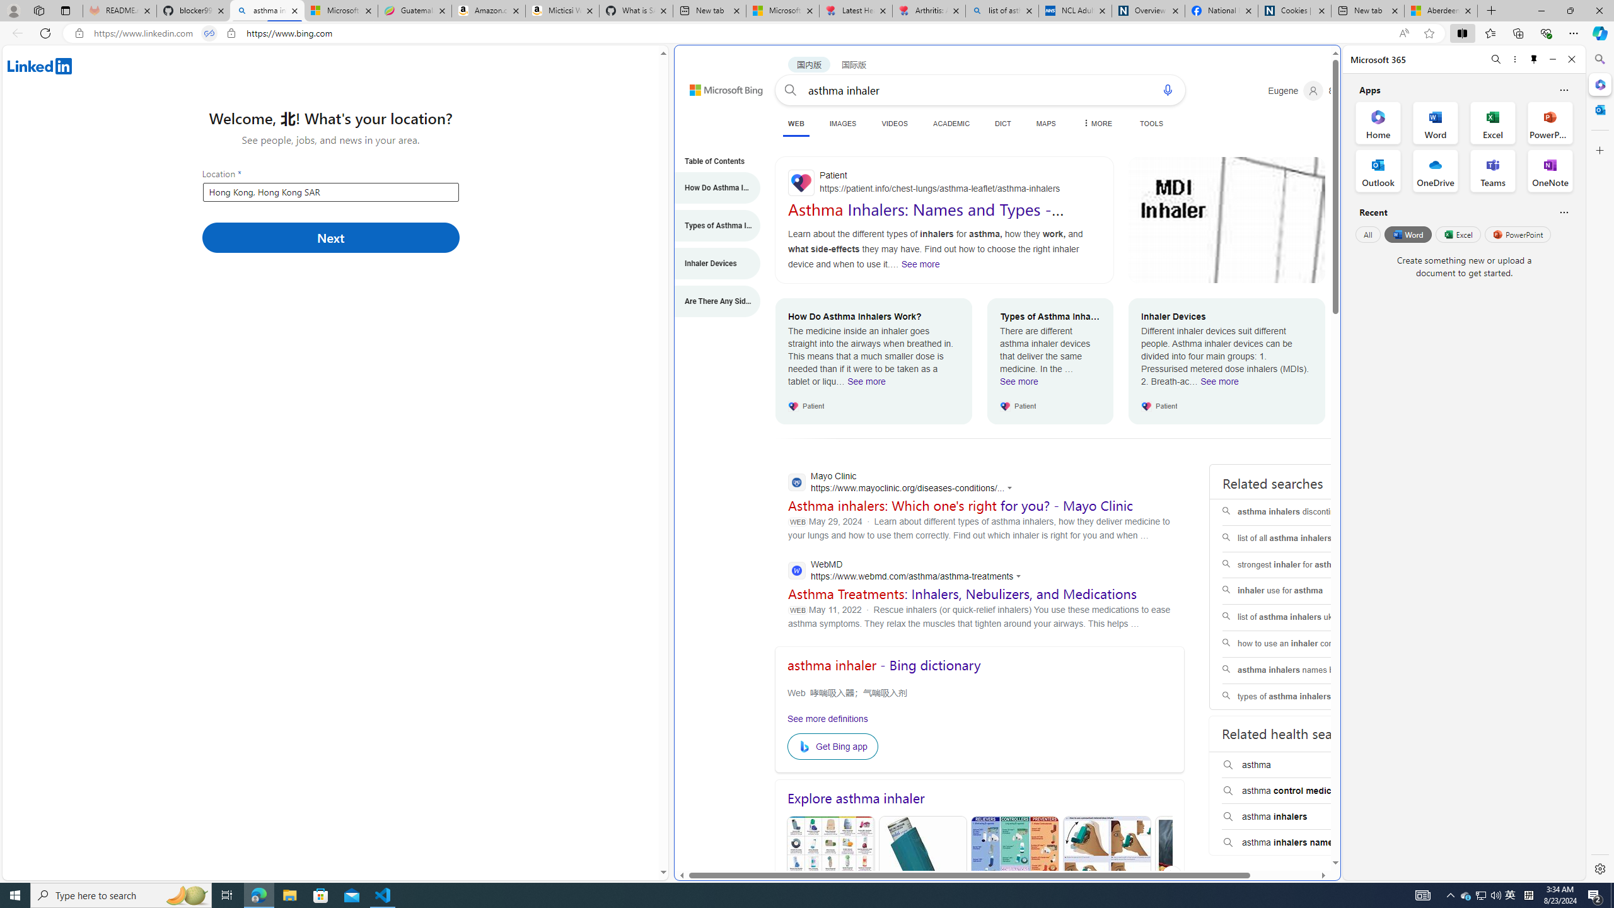 Image resolution: width=1614 pixels, height=908 pixels. What do you see at coordinates (1550, 171) in the screenshot?
I see `'OneNote Office App'` at bounding box center [1550, 171].